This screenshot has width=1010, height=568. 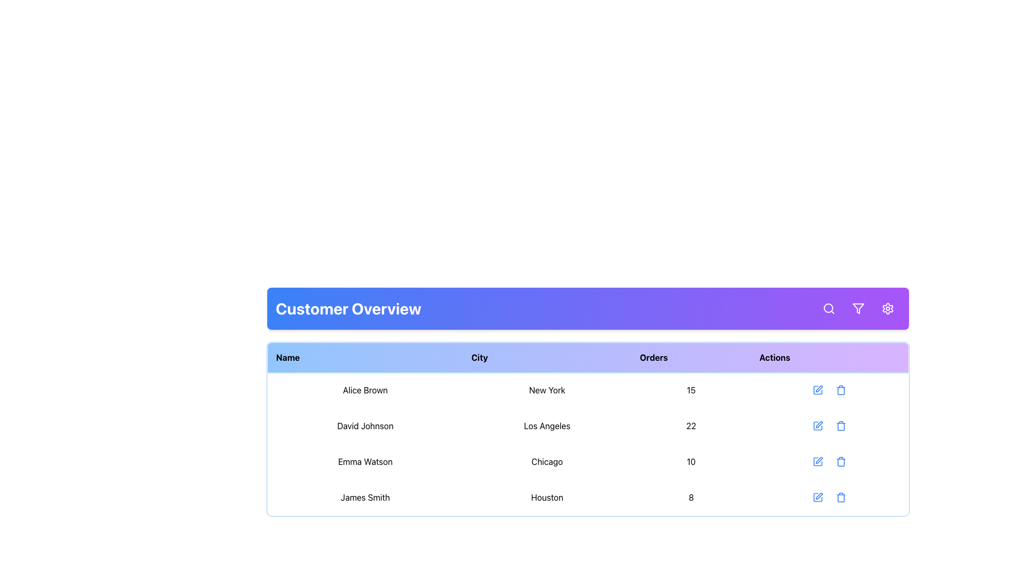 I want to click on the graphical icon in the Actions column of the first row of the table, which resembles a hollow square with a slight alteration on its top-right corner, so click(x=817, y=390).